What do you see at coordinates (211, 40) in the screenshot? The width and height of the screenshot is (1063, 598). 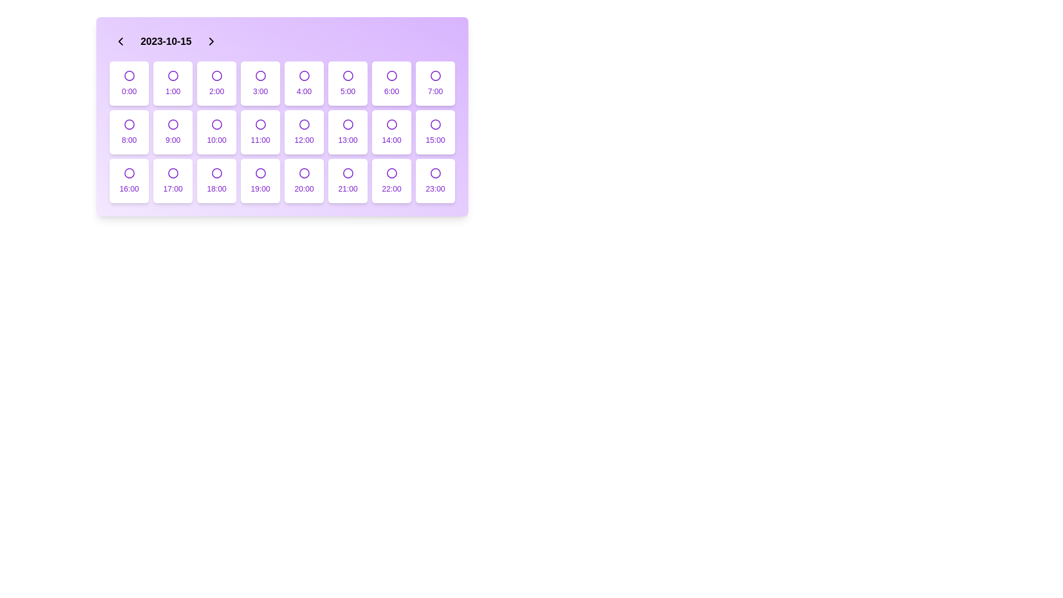 I see `the rightmost button in the date selector group` at bounding box center [211, 40].